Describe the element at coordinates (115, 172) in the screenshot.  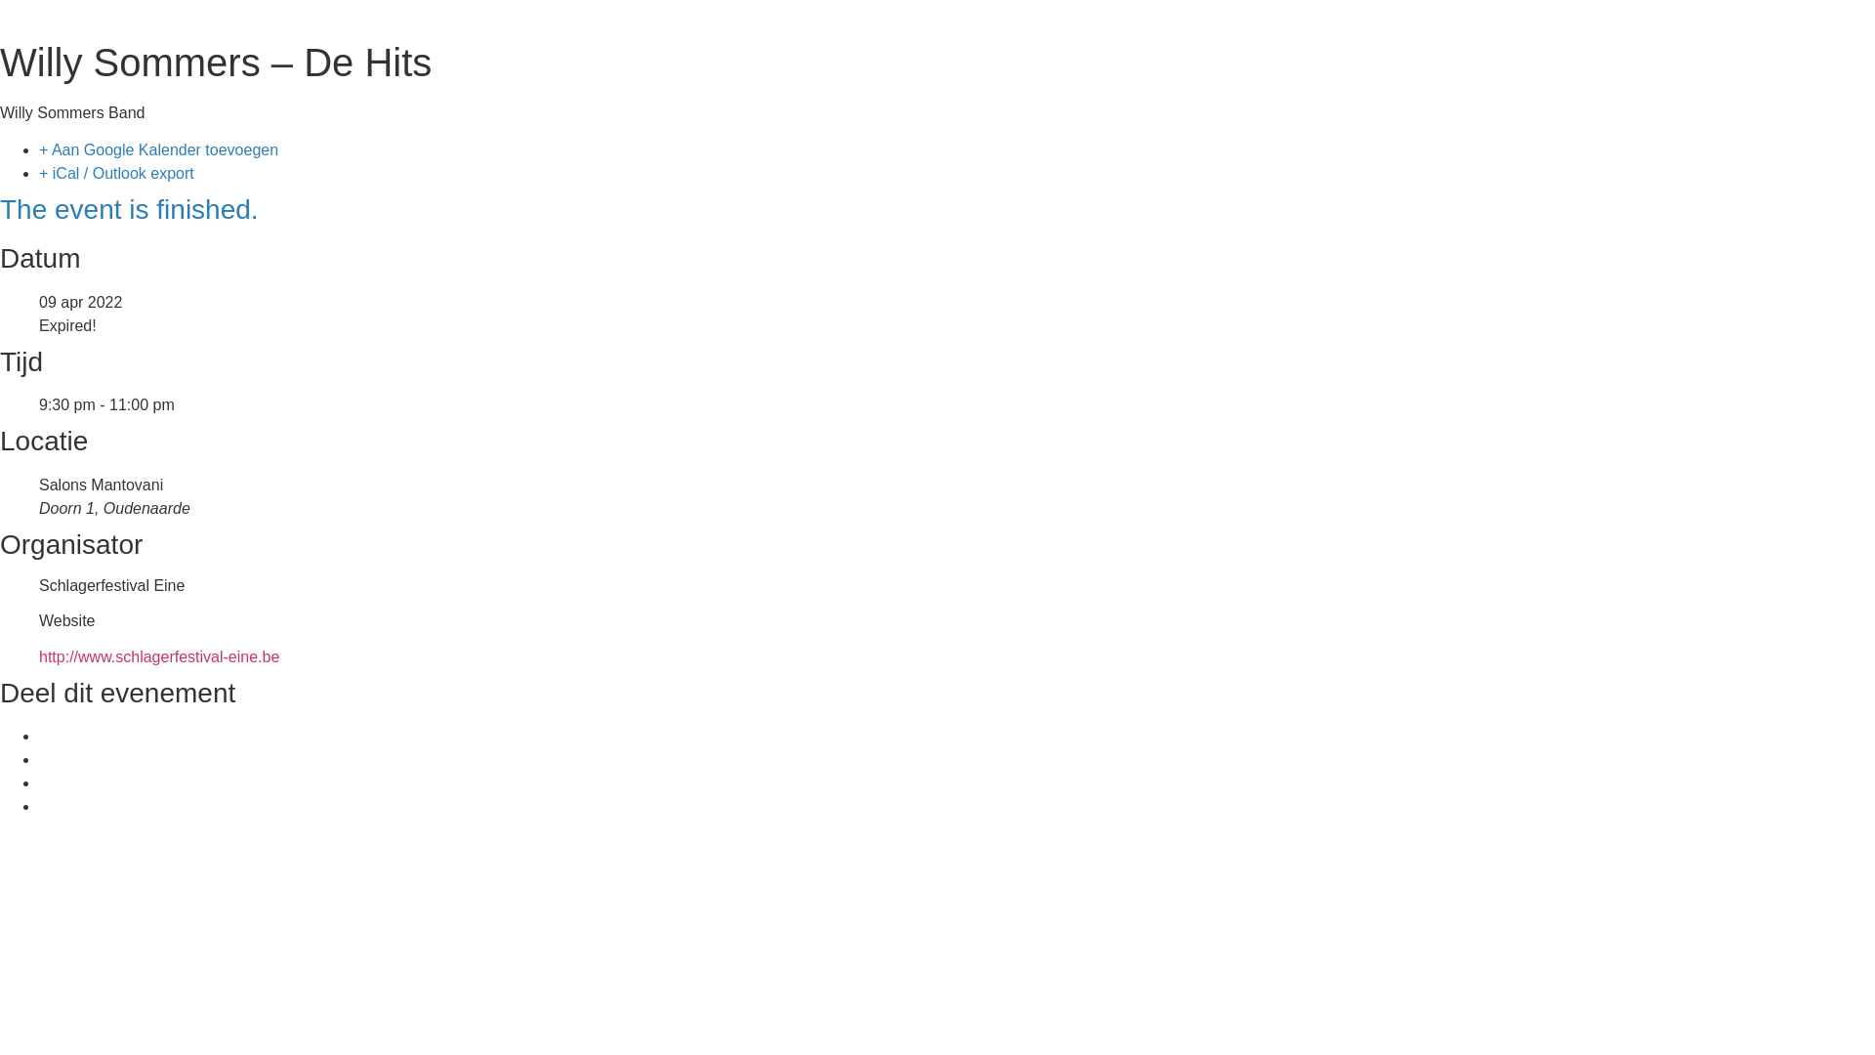
I see `'+ iCal / Outlook export'` at that location.